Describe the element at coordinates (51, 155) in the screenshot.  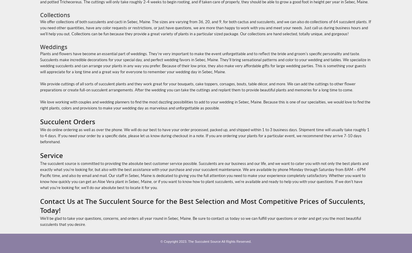
I see `'Service'` at that location.